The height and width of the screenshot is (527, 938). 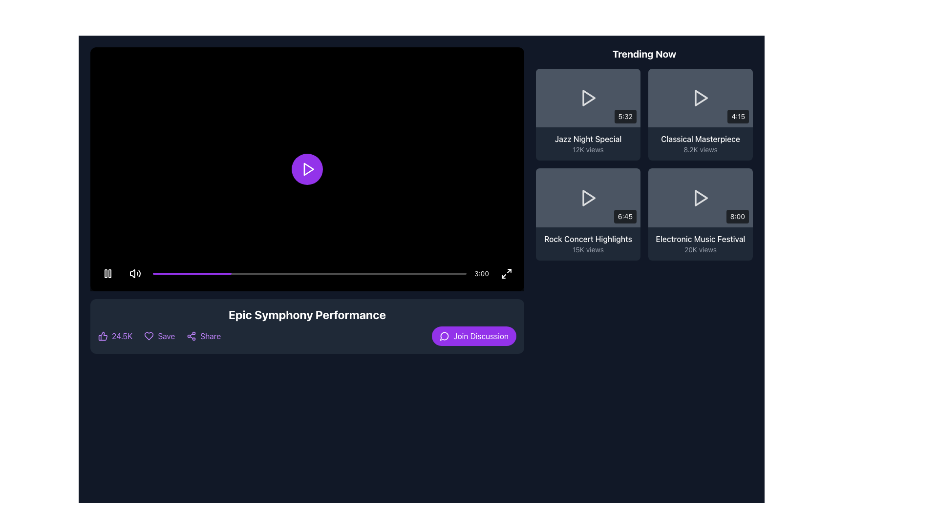 I want to click on the duration label located in the bottom-right corner of the 'Jazz Night Special' thumbnail in the 'Trending Now' section, so click(x=625, y=116).